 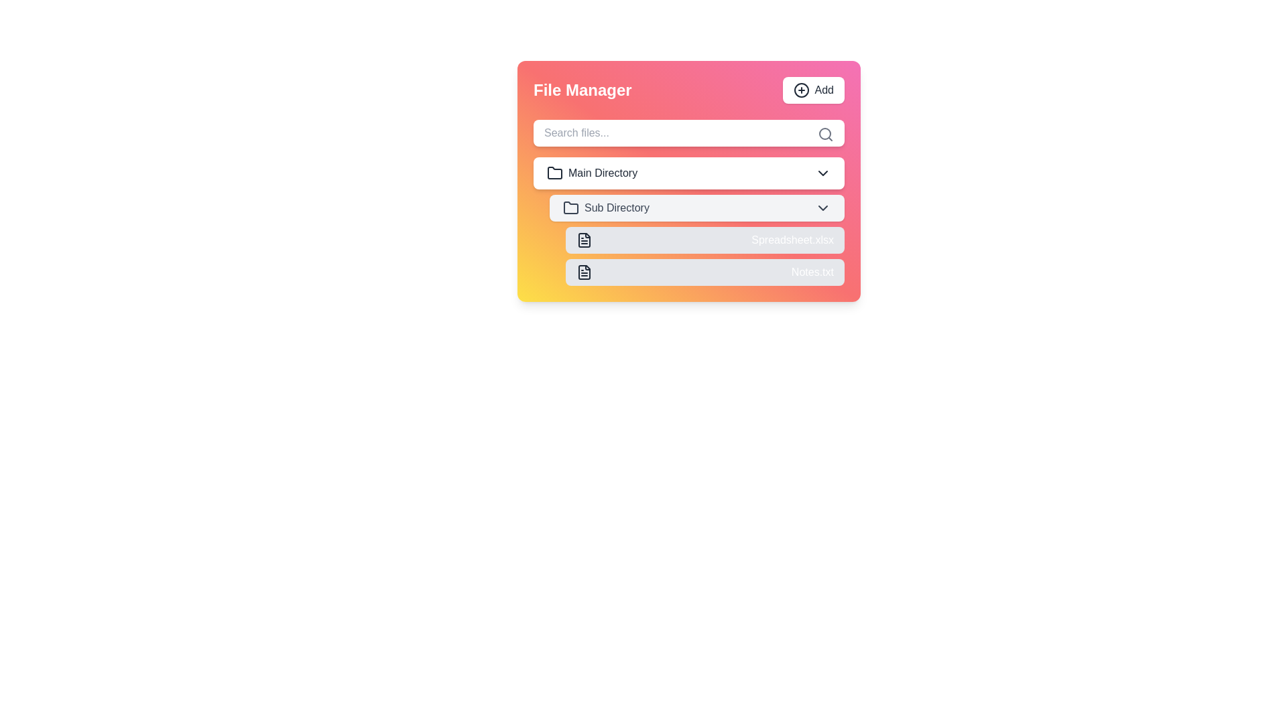 I want to click on the folder icon located to the left of the 'Sub Directory' text in the dropdown menu under 'File Manager', so click(x=570, y=207).